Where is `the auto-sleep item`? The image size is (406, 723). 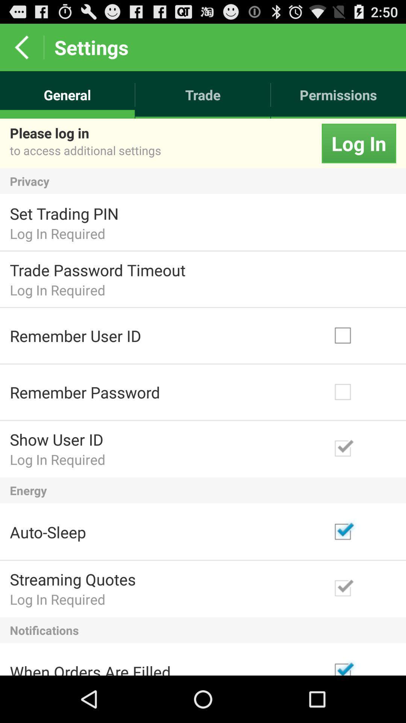 the auto-sleep item is located at coordinates (48, 531).